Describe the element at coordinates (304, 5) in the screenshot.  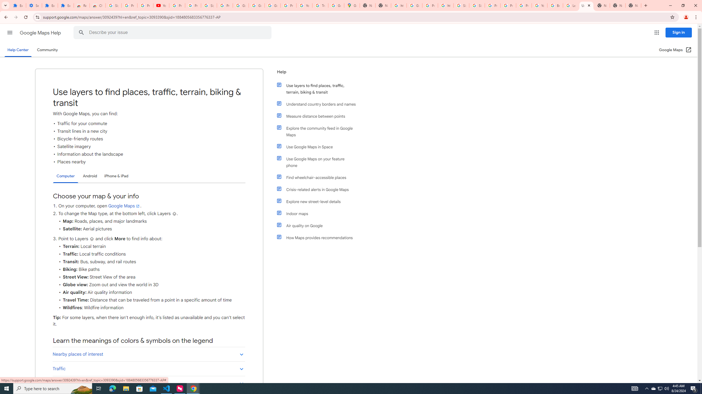
I see `'YouTube'` at that location.